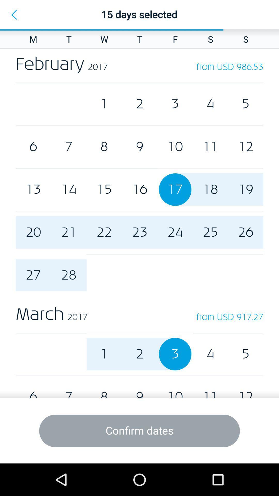 Image resolution: width=279 pixels, height=496 pixels. Describe the element at coordinates (139, 431) in the screenshot. I see `the confirm dates item` at that location.